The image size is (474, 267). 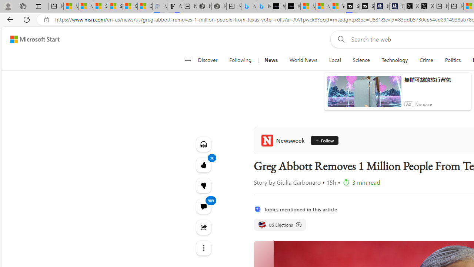 What do you see at coordinates (322, 141) in the screenshot?
I see `'Follow'` at bounding box center [322, 141].